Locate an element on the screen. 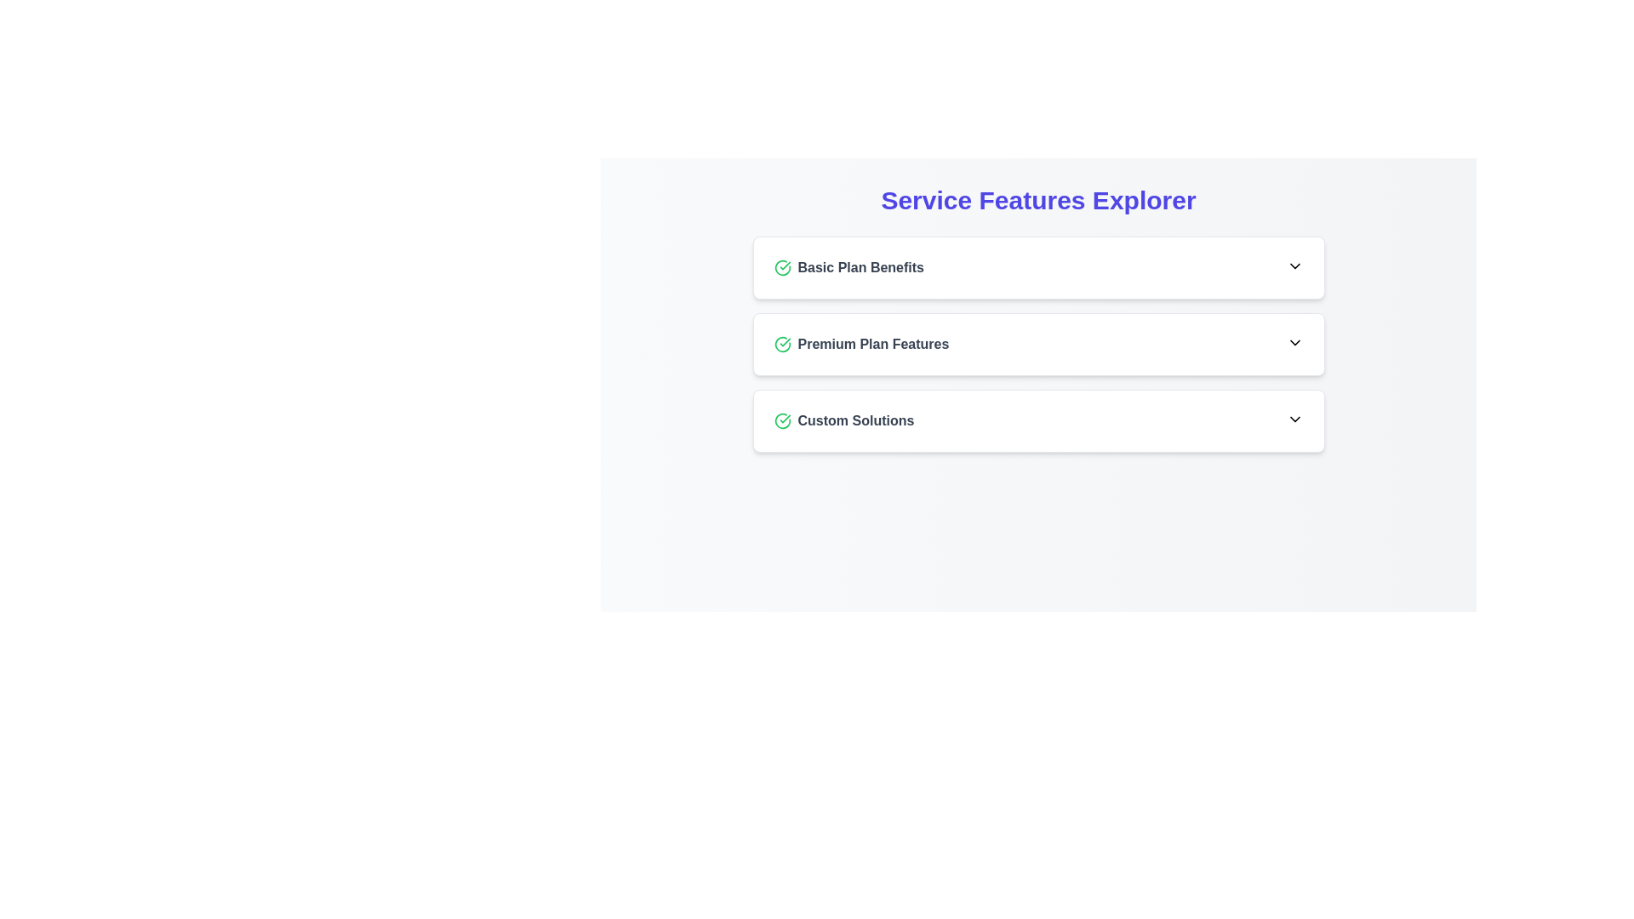 The height and width of the screenshot is (919, 1634). the downward-pointing chevron icon with a black outline located at the rightmost end of the 'Custom Solutions' row in the 'Service Features Explorer' section is located at coordinates (1294, 420).